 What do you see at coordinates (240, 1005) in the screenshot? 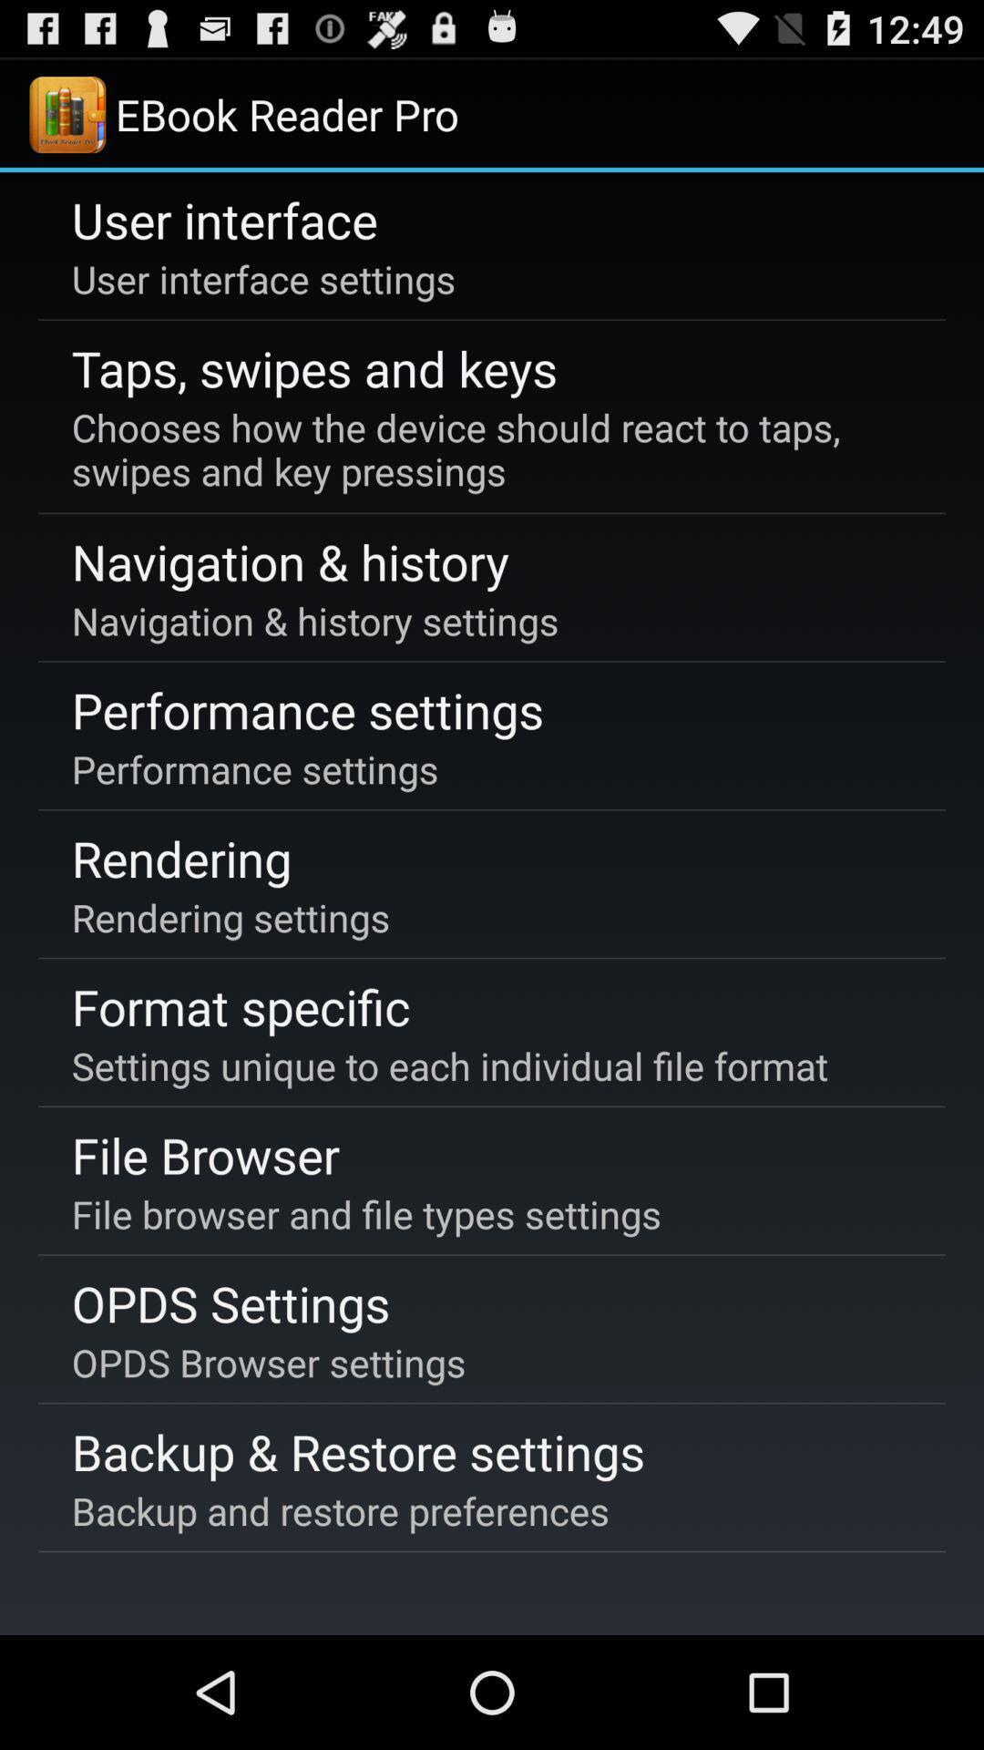
I see `the format specific` at bounding box center [240, 1005].